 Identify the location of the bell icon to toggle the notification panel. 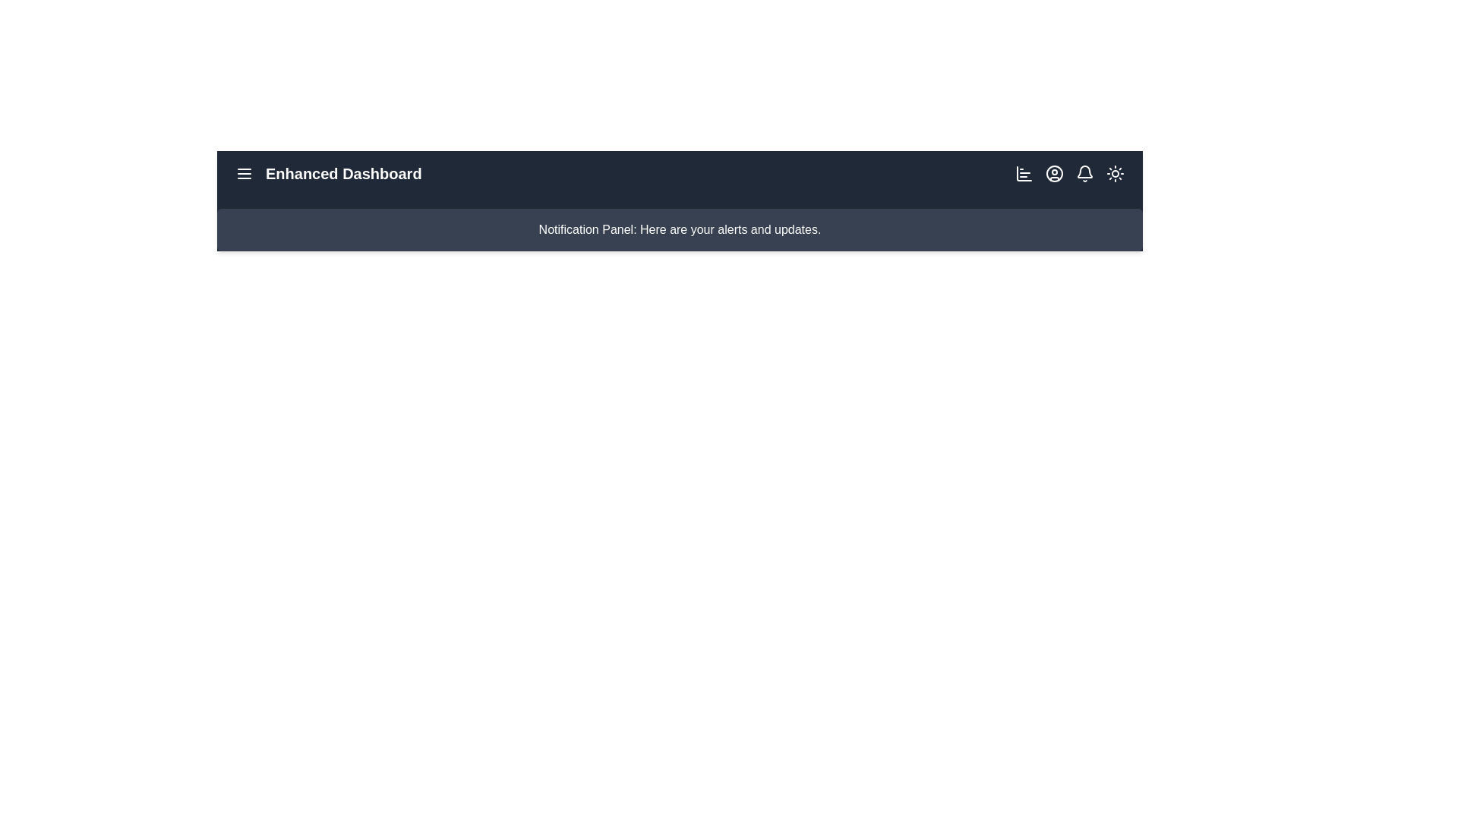
(1084, 172).